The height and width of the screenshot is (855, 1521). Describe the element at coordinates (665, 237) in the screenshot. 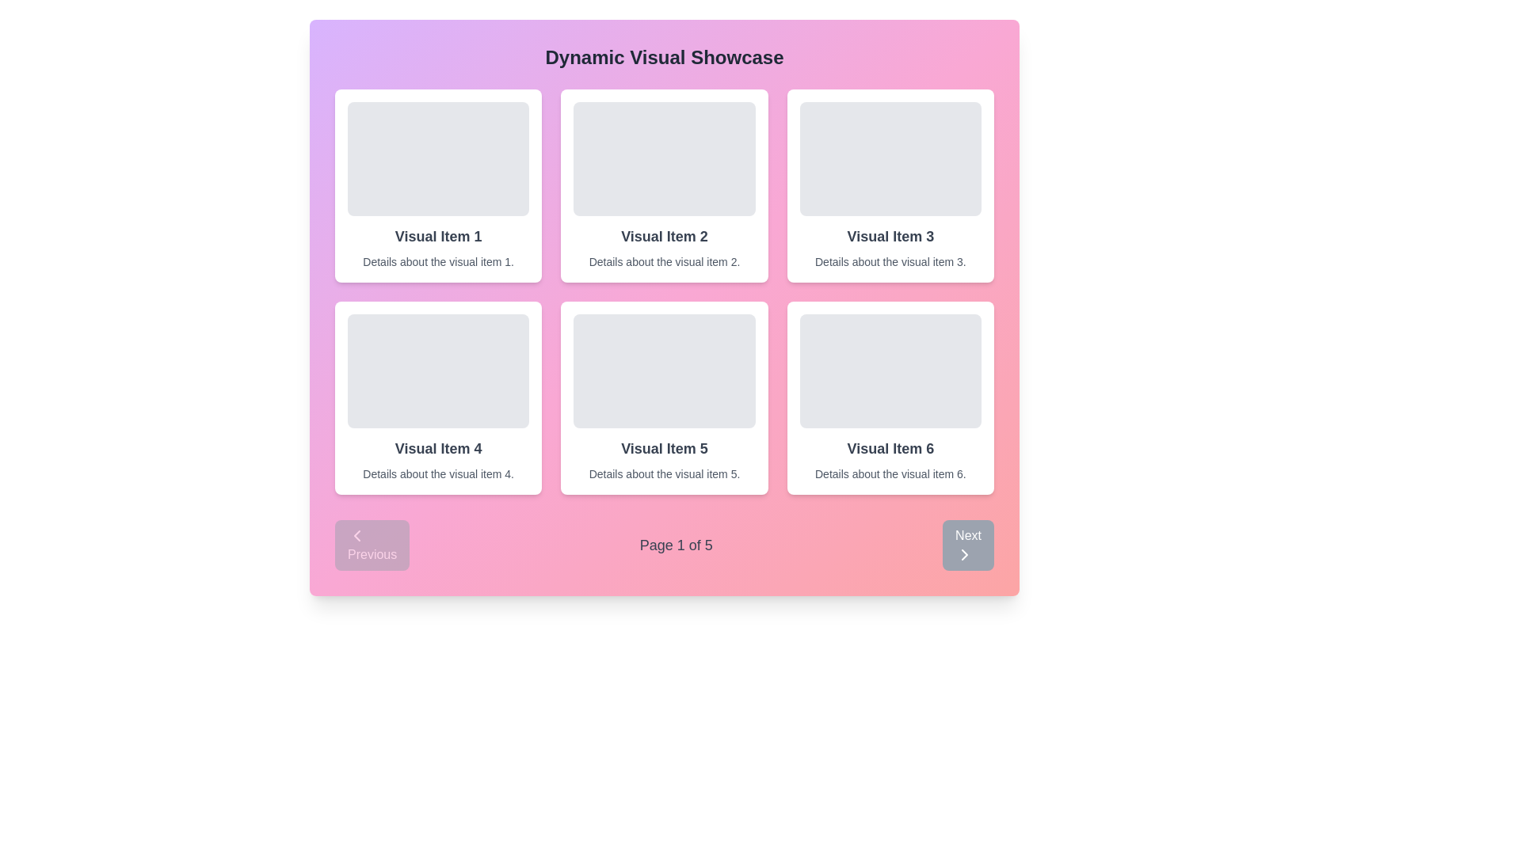

I see `centered heading labeled 'Visual Item 2', which is styled as bold and in a larger font size, located below a gray rectangular box and above additional text` at that location.